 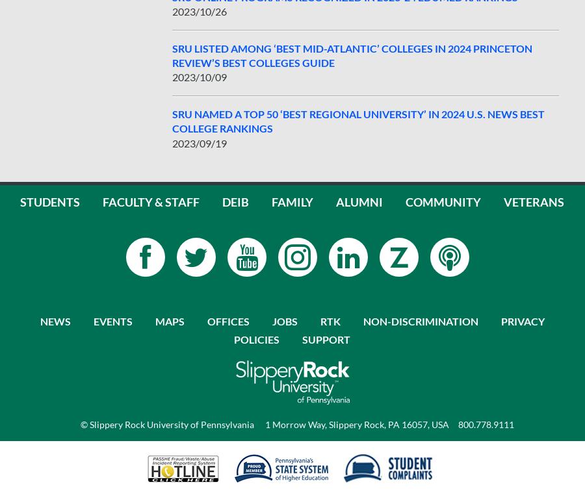 What do you see at coordinates (485, 423) in the screenshot?
I see `'800.778.9111'` at bounding box center [485, 423].